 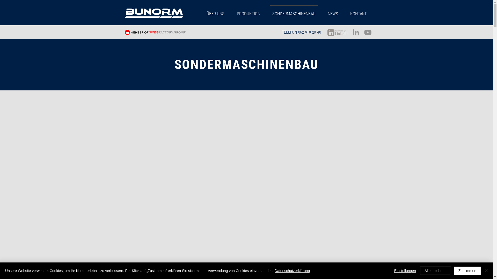 What do you see at coordinates (248, 11) in the screenshot?
I see `'PRODUKTION'` at bounding box center [248, 11].